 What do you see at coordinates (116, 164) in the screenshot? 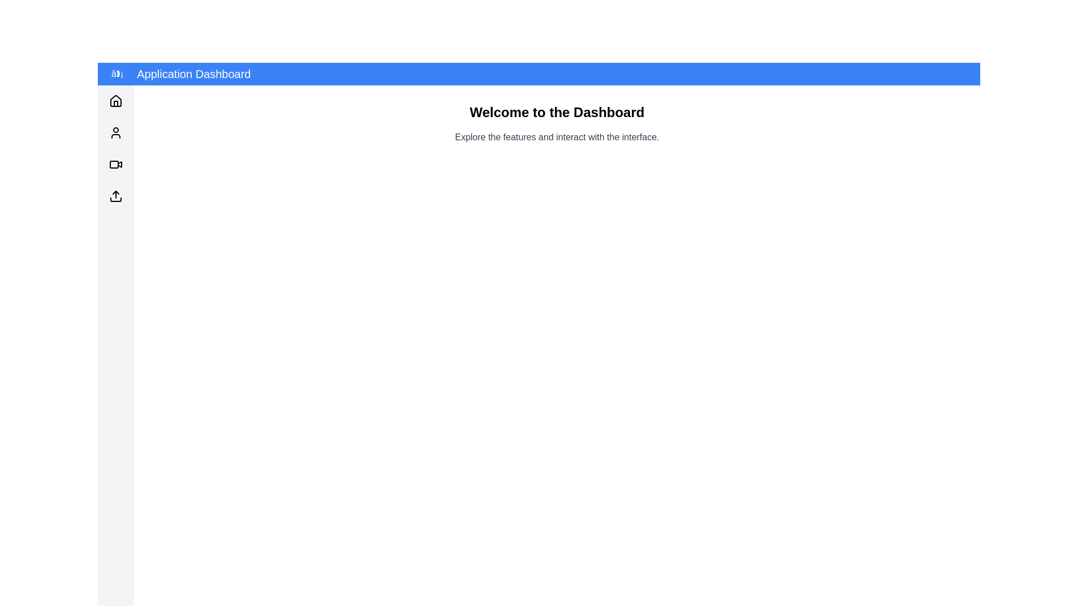
I see `the video icon, which features a rectangular body and a triangular play button indicator, located as the third icon in a vertical stack on the left side of the interface` at bounding box center [116, 164].